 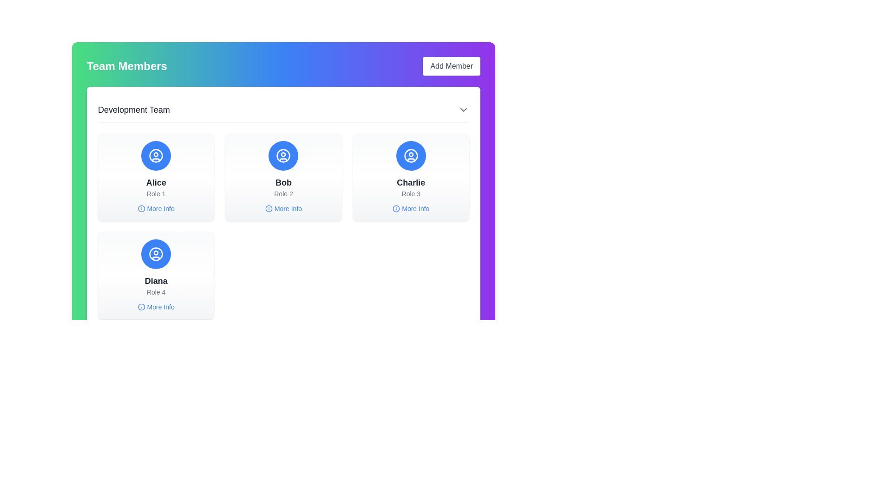 I want to click on the 'Role 3' label, which is styled with small gray text and positioned between the 'Charlie' label and the 'More Info' button in the card for the 'Charlie' item, so click(x=410, y=193).